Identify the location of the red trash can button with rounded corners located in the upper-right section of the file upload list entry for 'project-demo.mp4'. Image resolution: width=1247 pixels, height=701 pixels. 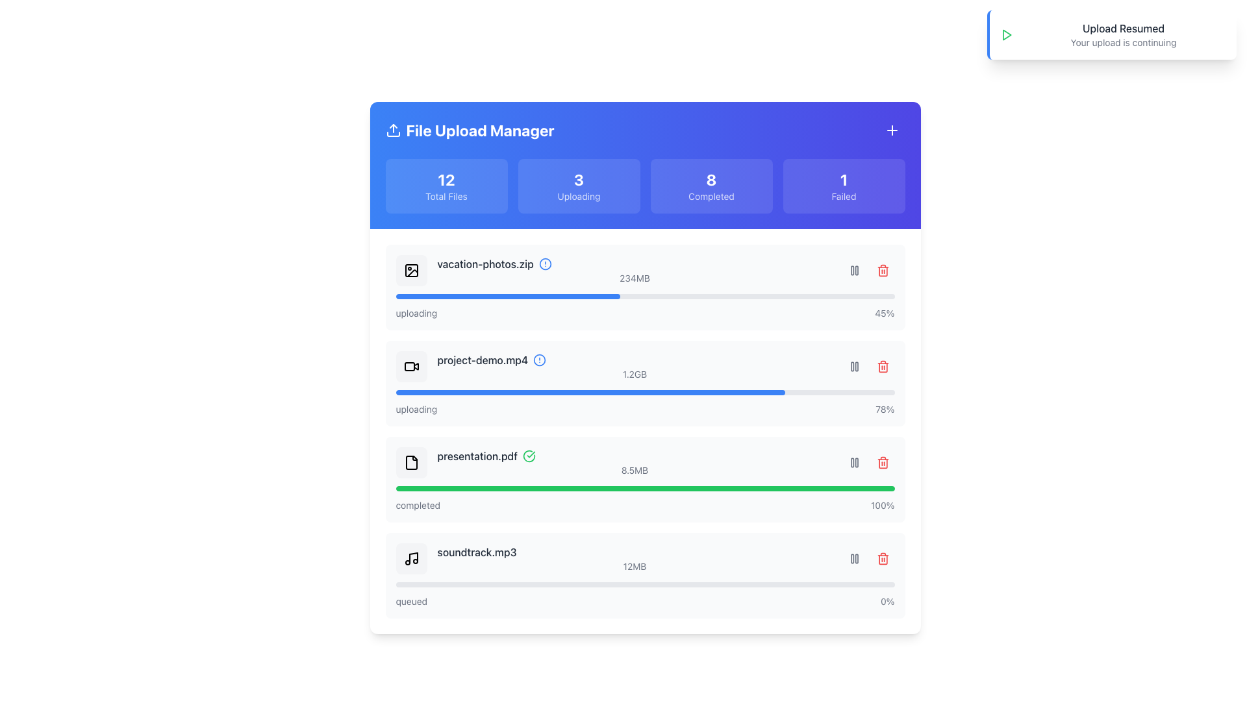
(883, 269).